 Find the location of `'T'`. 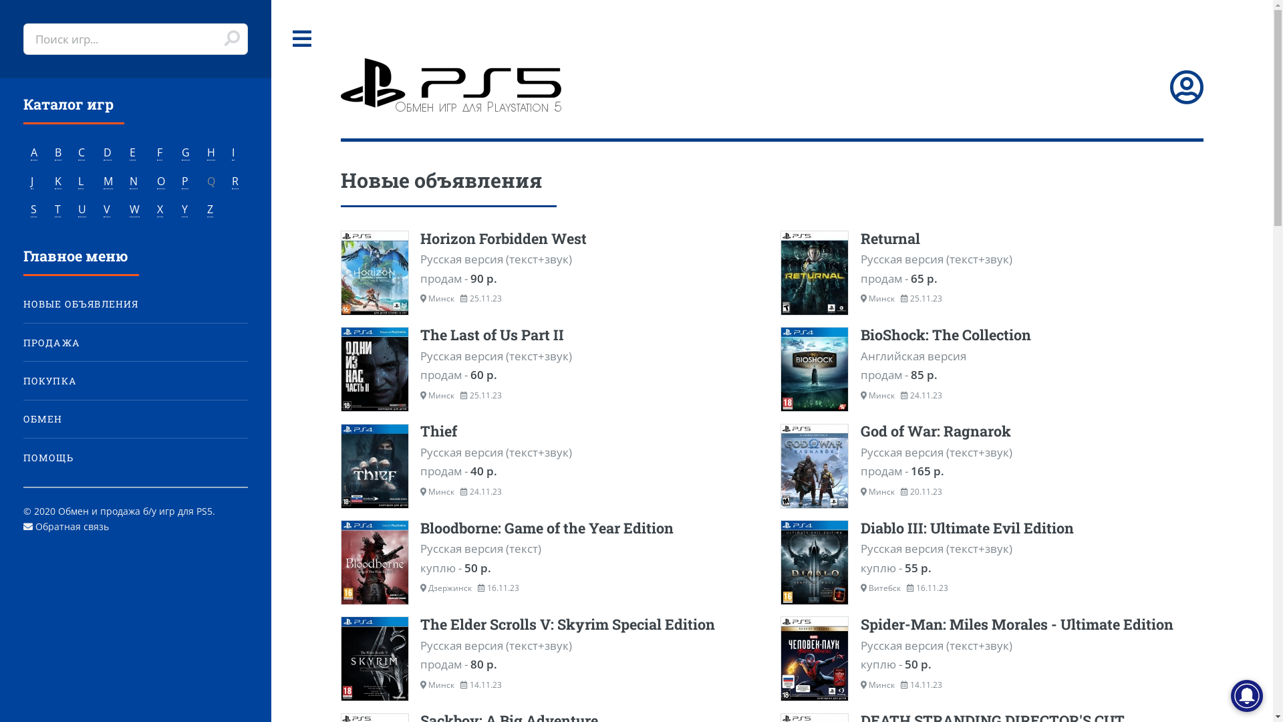

'T' is located at coordinates (57, 209).